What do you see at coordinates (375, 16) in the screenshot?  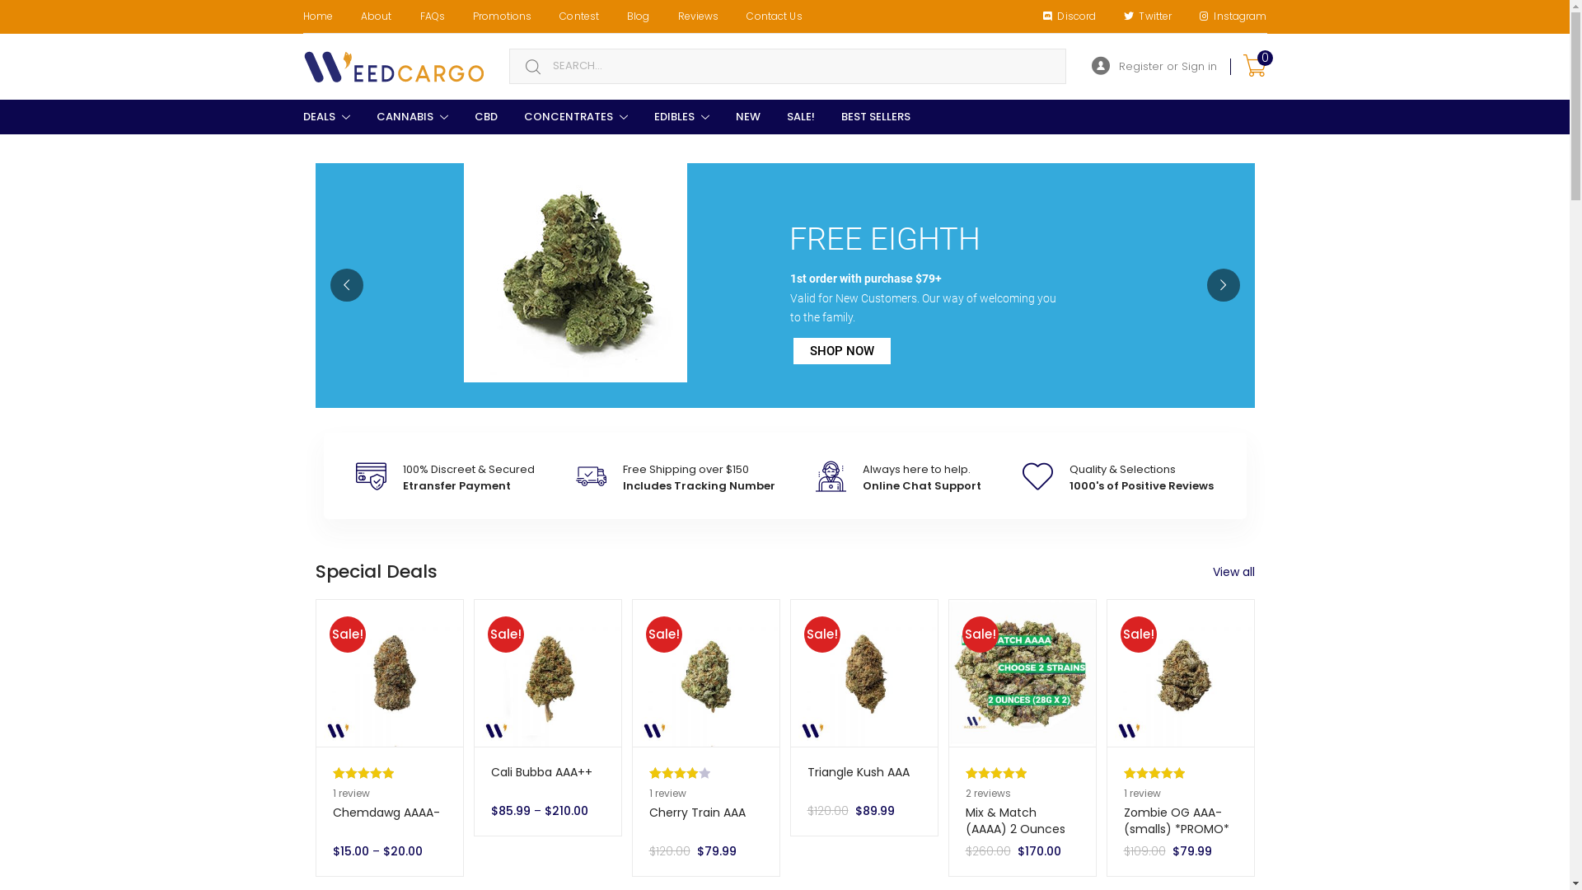 I see `'About'` at bounding box center [375, 16].